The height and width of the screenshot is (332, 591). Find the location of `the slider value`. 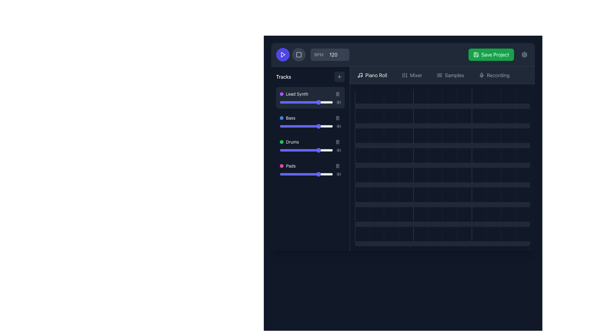

the slider value is located at coordinates (316, 102).